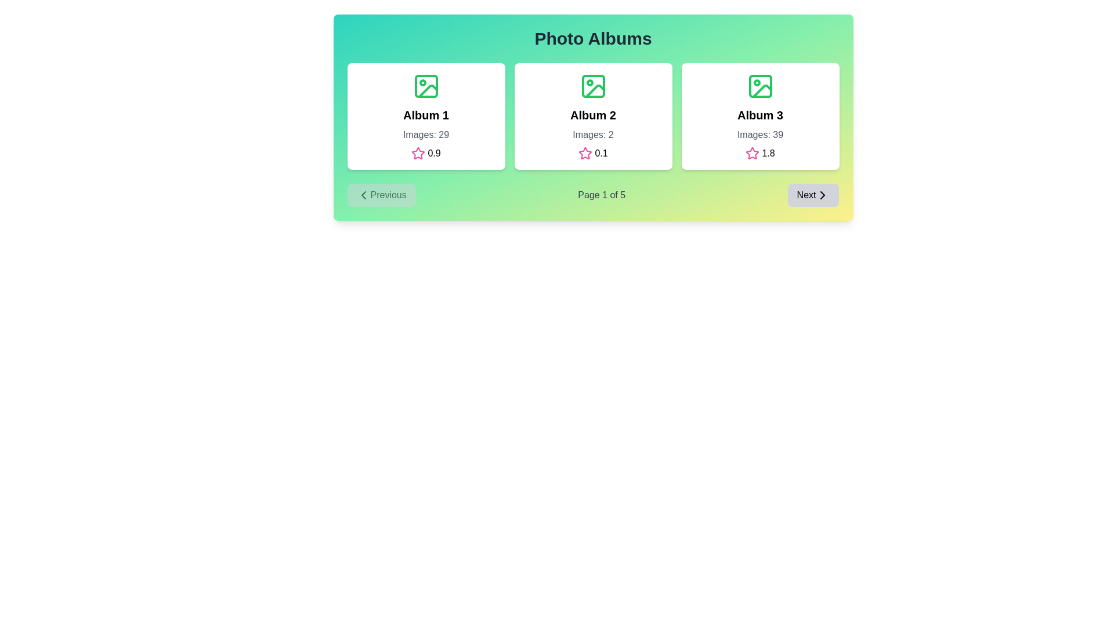 This screenshot has width=1114, height=626. What do you see at coordinates (593, 86) in the screenshot?
I see `the album icon located at the top-center of the second card from the left in a row of three cards, which visually represents the content type or category of the card` at bounding box center [593, 86].